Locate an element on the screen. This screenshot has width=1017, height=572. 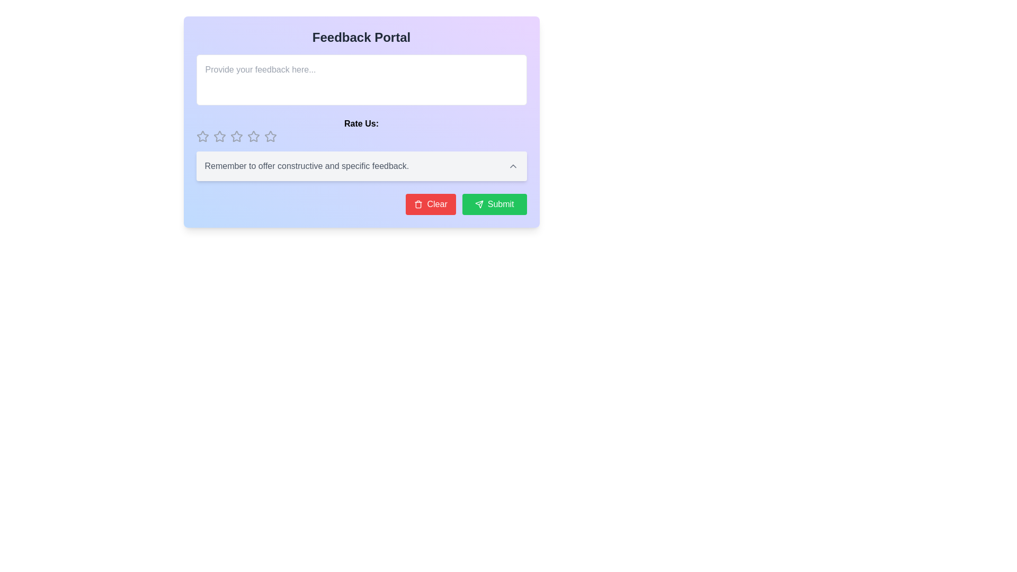
the second star in the star-based rating system to provide visual feedback is located at coordinates (219, 136).